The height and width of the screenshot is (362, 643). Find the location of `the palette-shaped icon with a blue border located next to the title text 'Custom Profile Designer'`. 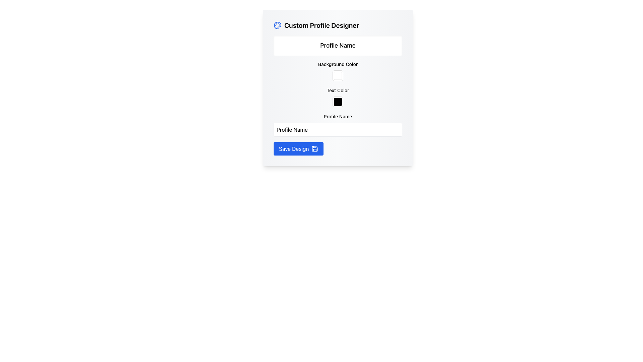

the palette-shaped icon with a blue border located next to the title text 'Custom Profile Designer' is located at coordinates (278, 25).